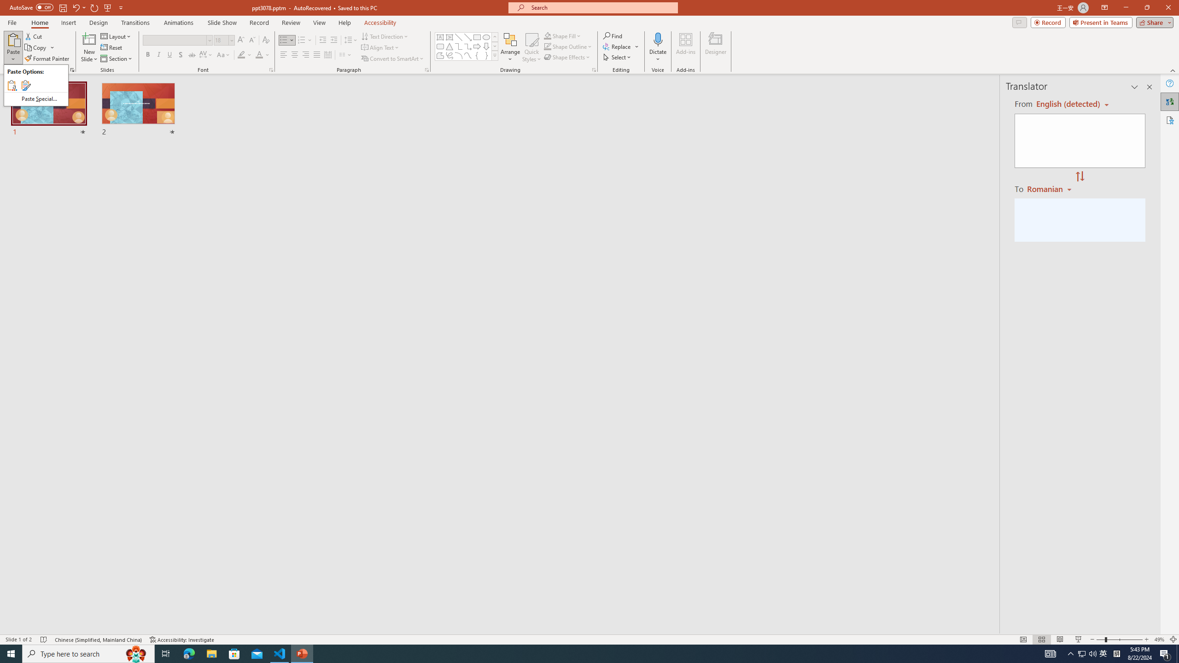  What do you see at coordinates (1147, 7) in the screenshot?
I see `'Restore Down'` at bounding box center [1147, 7].